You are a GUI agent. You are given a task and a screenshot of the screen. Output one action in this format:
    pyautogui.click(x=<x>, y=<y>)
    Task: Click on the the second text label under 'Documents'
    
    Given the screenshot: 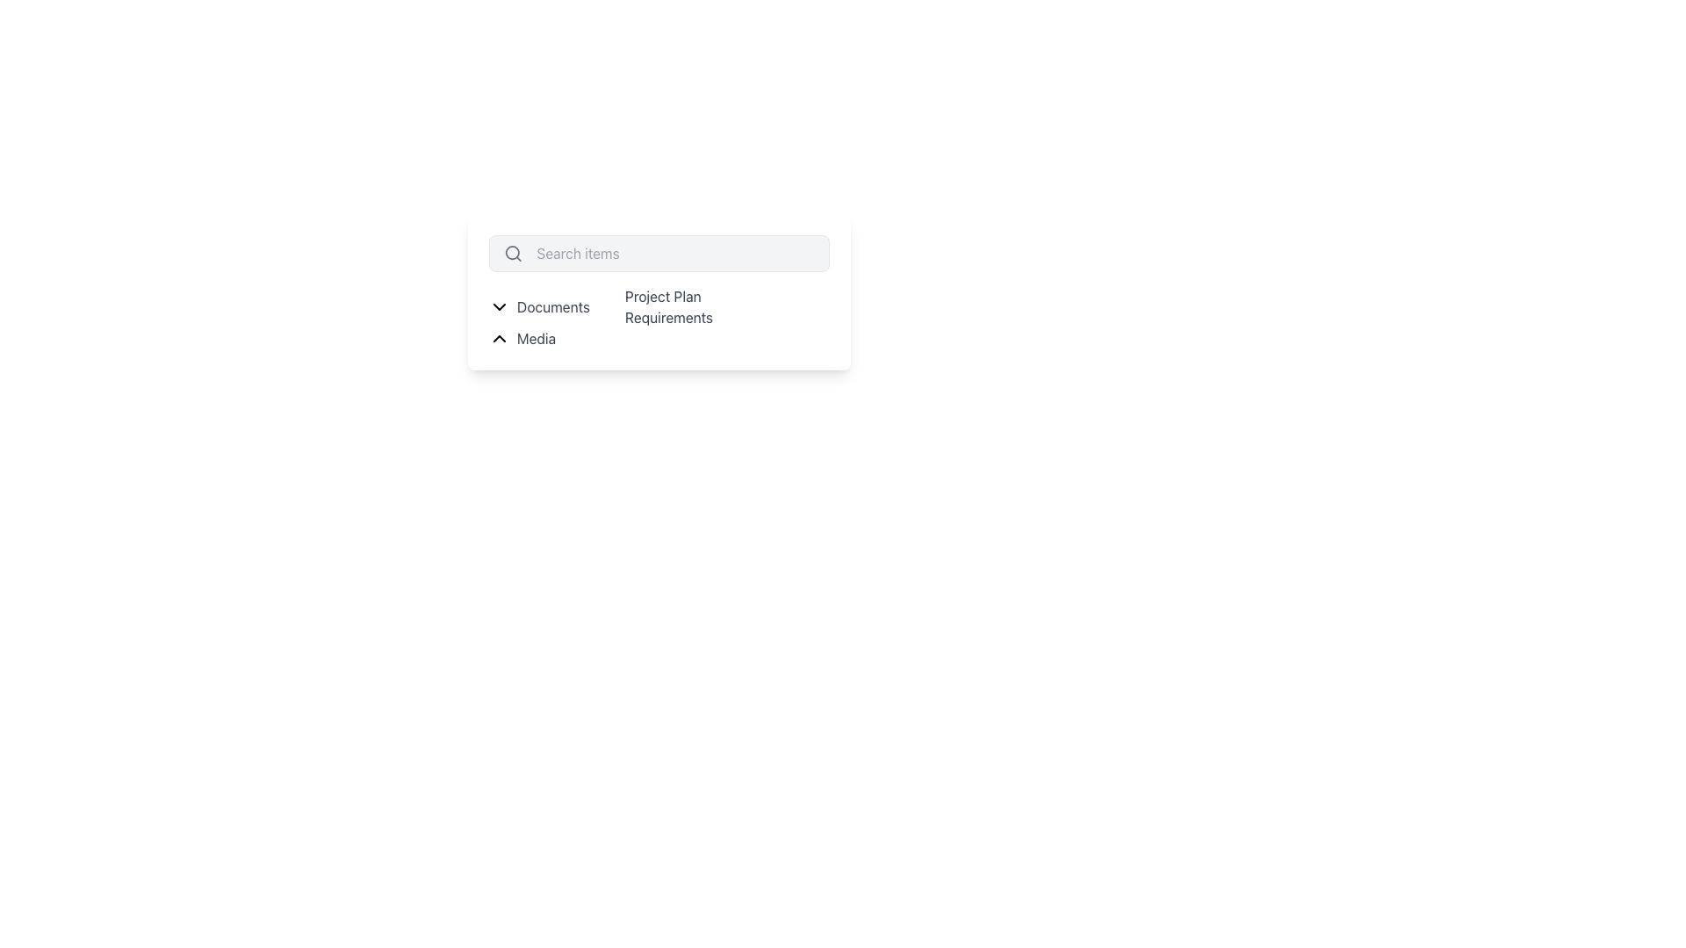 What is the action you would take?
    pyautogui.click(x=660, y=318)
    